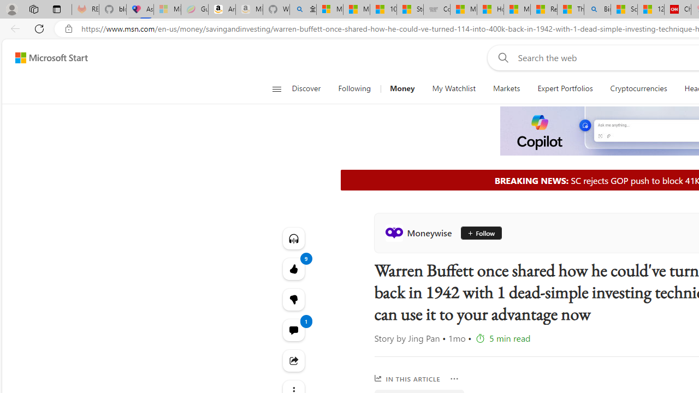 The image size is (699, 393). What do you see at coordinates (506, 88) in the screenshot?
I see `'Markets'` at bounding box center [506, 88].